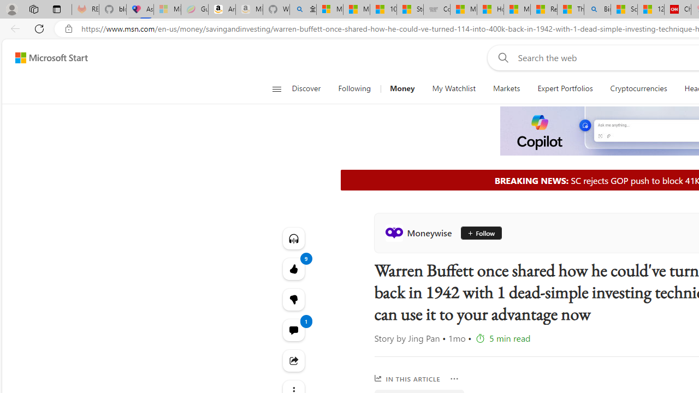 The image size is (699, 393). What do you see at coordinates (506, 88) in the screenshot?
I see `'Markets'` at bounding box center [506, 88].